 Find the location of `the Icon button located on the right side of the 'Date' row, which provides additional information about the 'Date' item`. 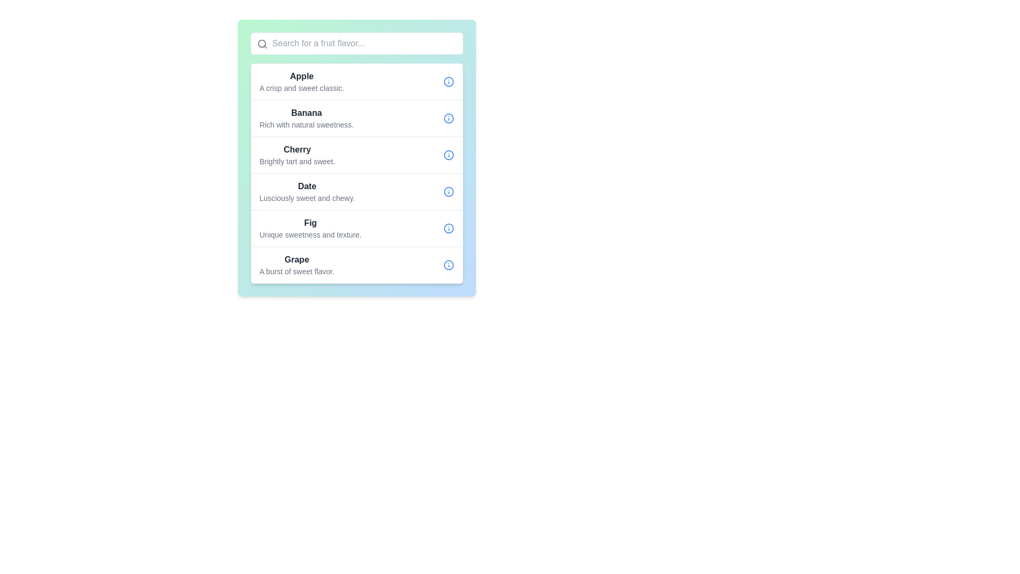

the Icon button located on the right side of the 'Date' row, which provides additional information about the 'Date' item is located at coordinates (448, 192).